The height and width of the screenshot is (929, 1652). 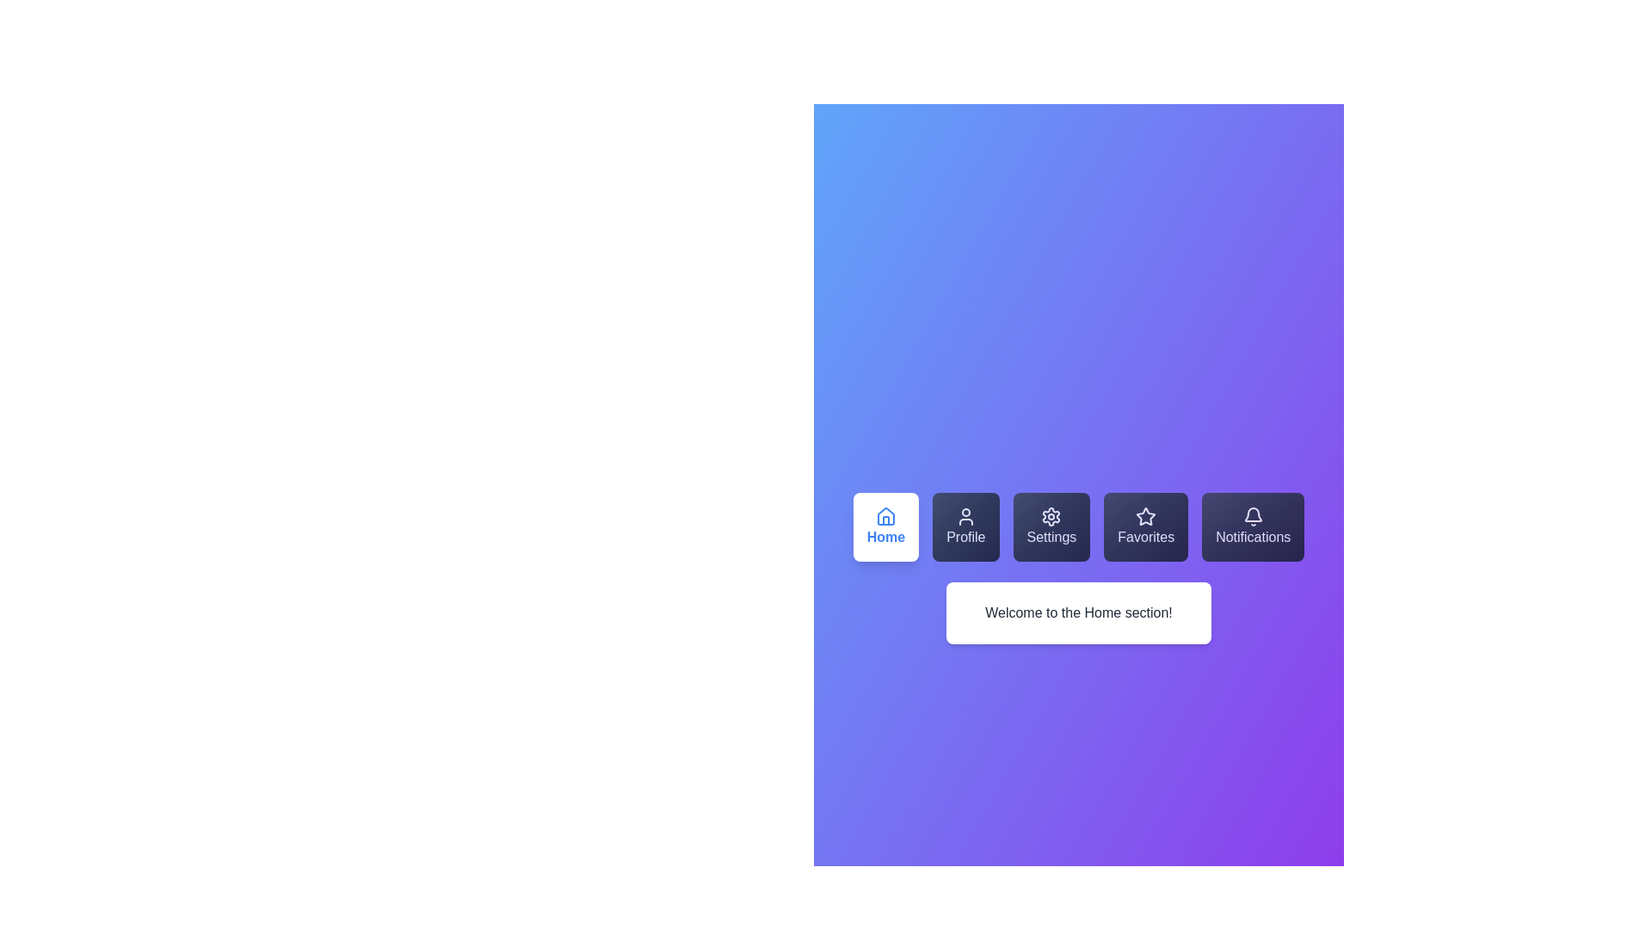 What do you see at coordinates (885, 516) in the screenshot?
I see `the 'Home' button which features a blue outline house icon centered above the label 'Home'` at bounding box center [885, 516].